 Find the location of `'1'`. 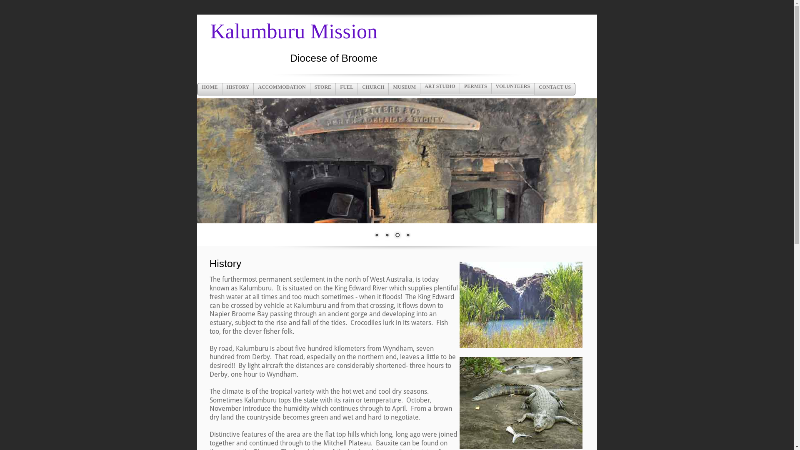

'1' is located at coordinates (375, 236).